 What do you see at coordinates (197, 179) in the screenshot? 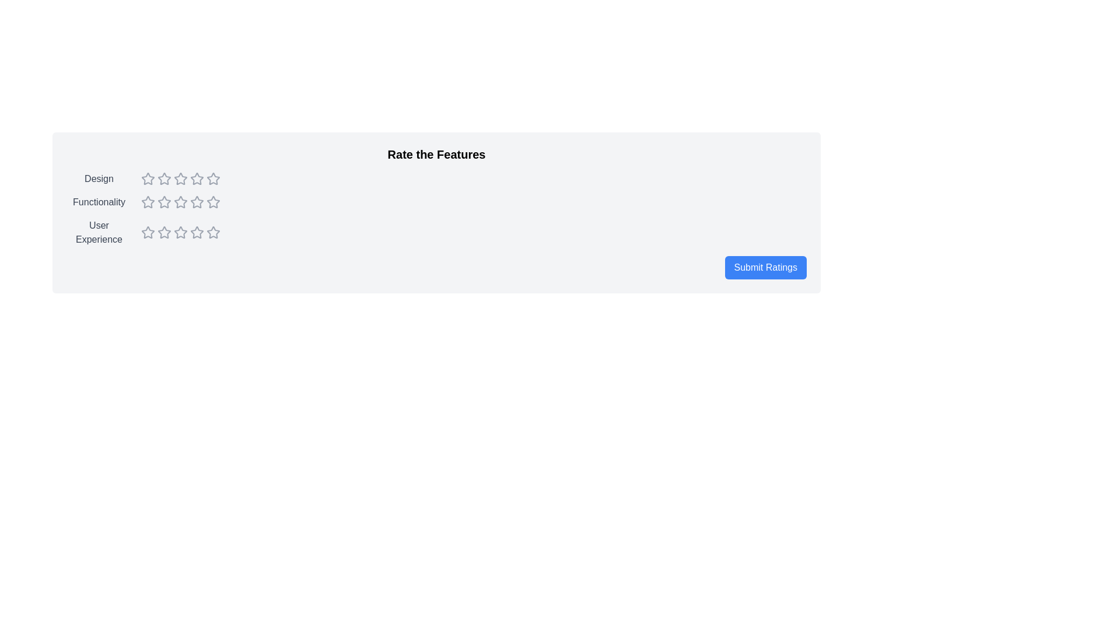
I see `the sixth star icon in the rating widget for the 'Design' category` at bounding box center [197, 179].